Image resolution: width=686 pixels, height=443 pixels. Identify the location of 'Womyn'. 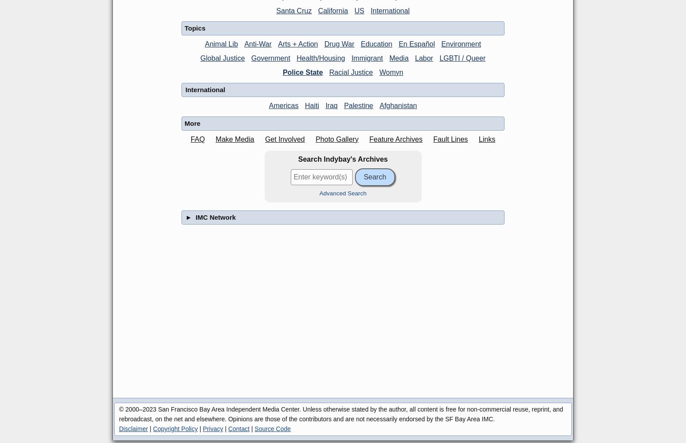
(391, 72).